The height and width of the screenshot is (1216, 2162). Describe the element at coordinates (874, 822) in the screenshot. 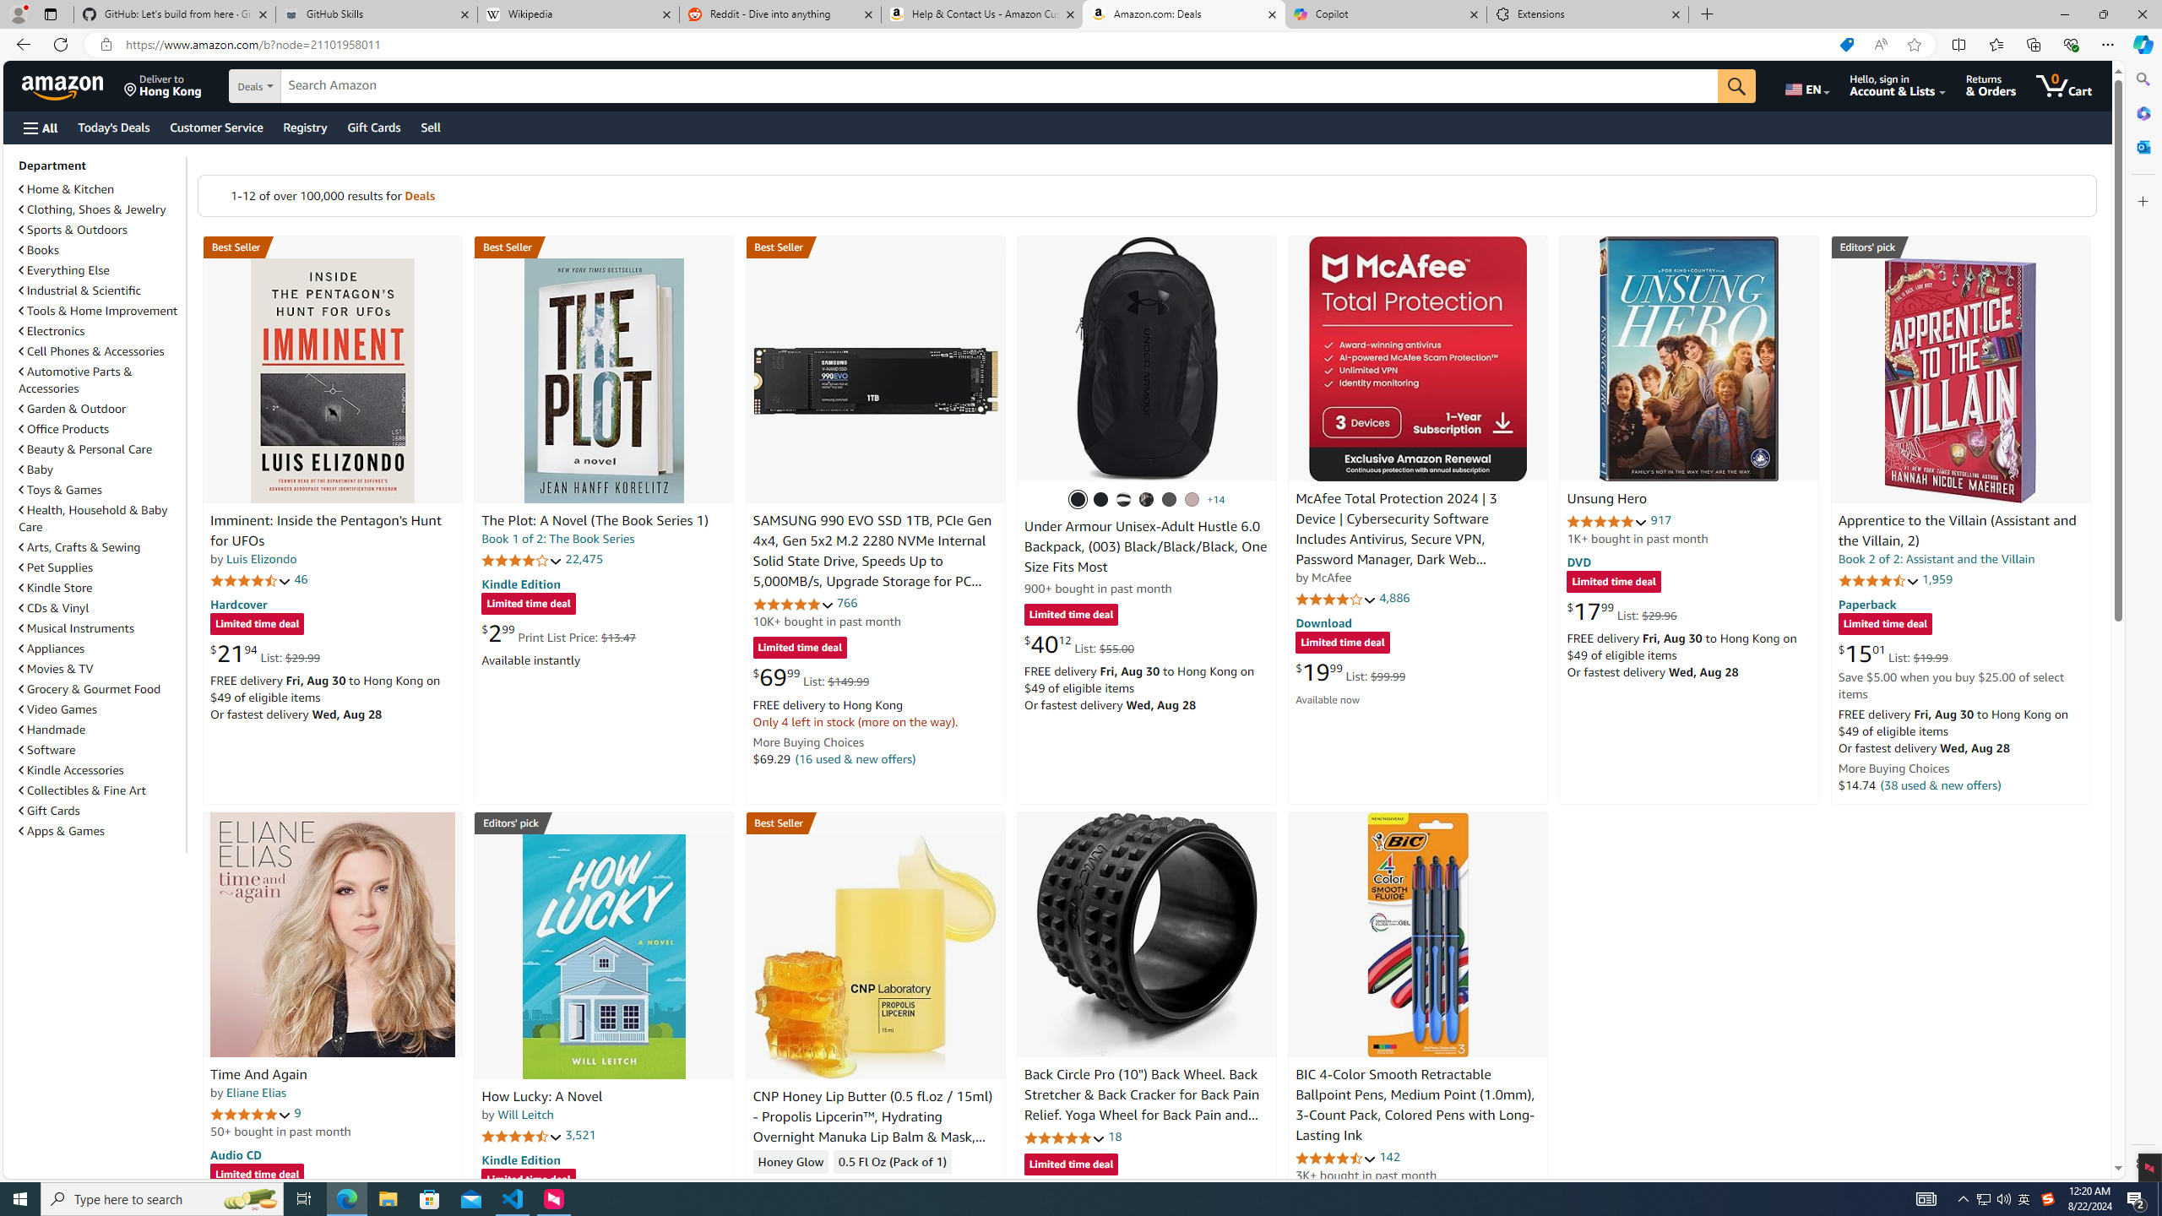

I see `'Best Seller in Lip Butters'` at that location.